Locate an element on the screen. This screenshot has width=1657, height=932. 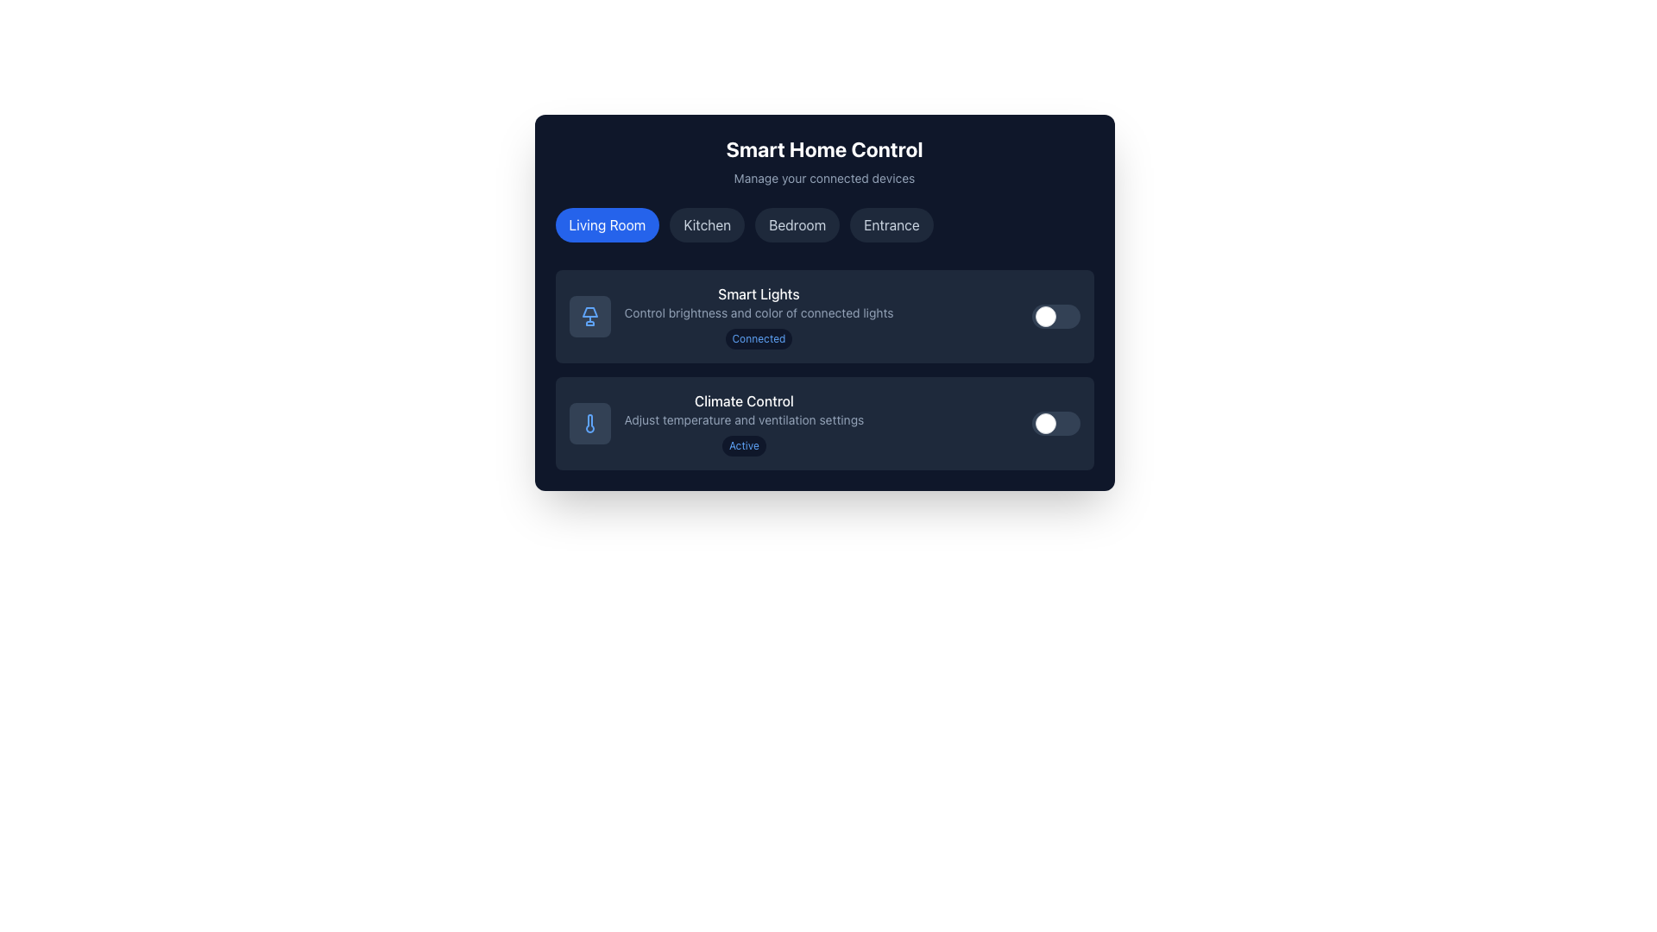
the 'Bedroom' pill-shaped button with white text on a dark gray background is located at coordinates (797, 224).